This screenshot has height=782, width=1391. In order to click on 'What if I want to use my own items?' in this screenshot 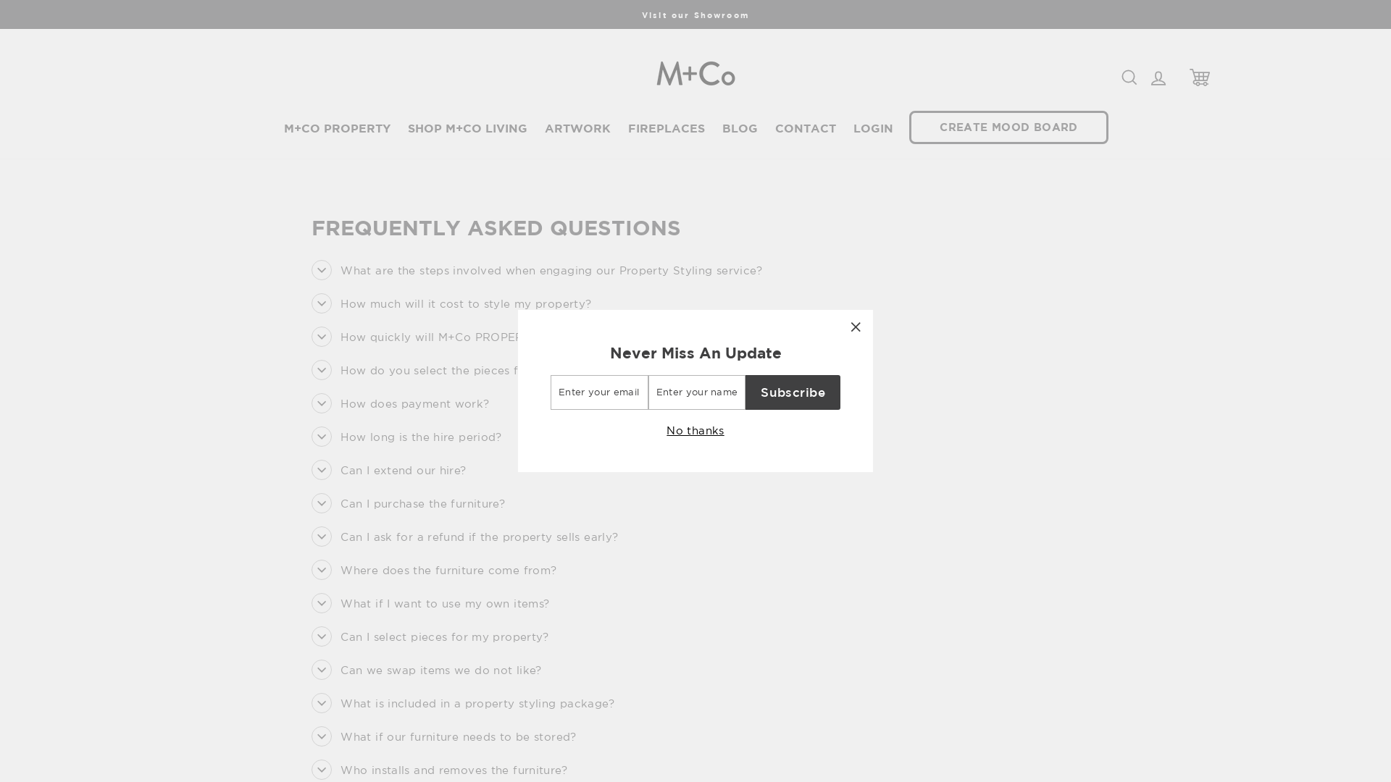, I will do `click(430, 603)`.